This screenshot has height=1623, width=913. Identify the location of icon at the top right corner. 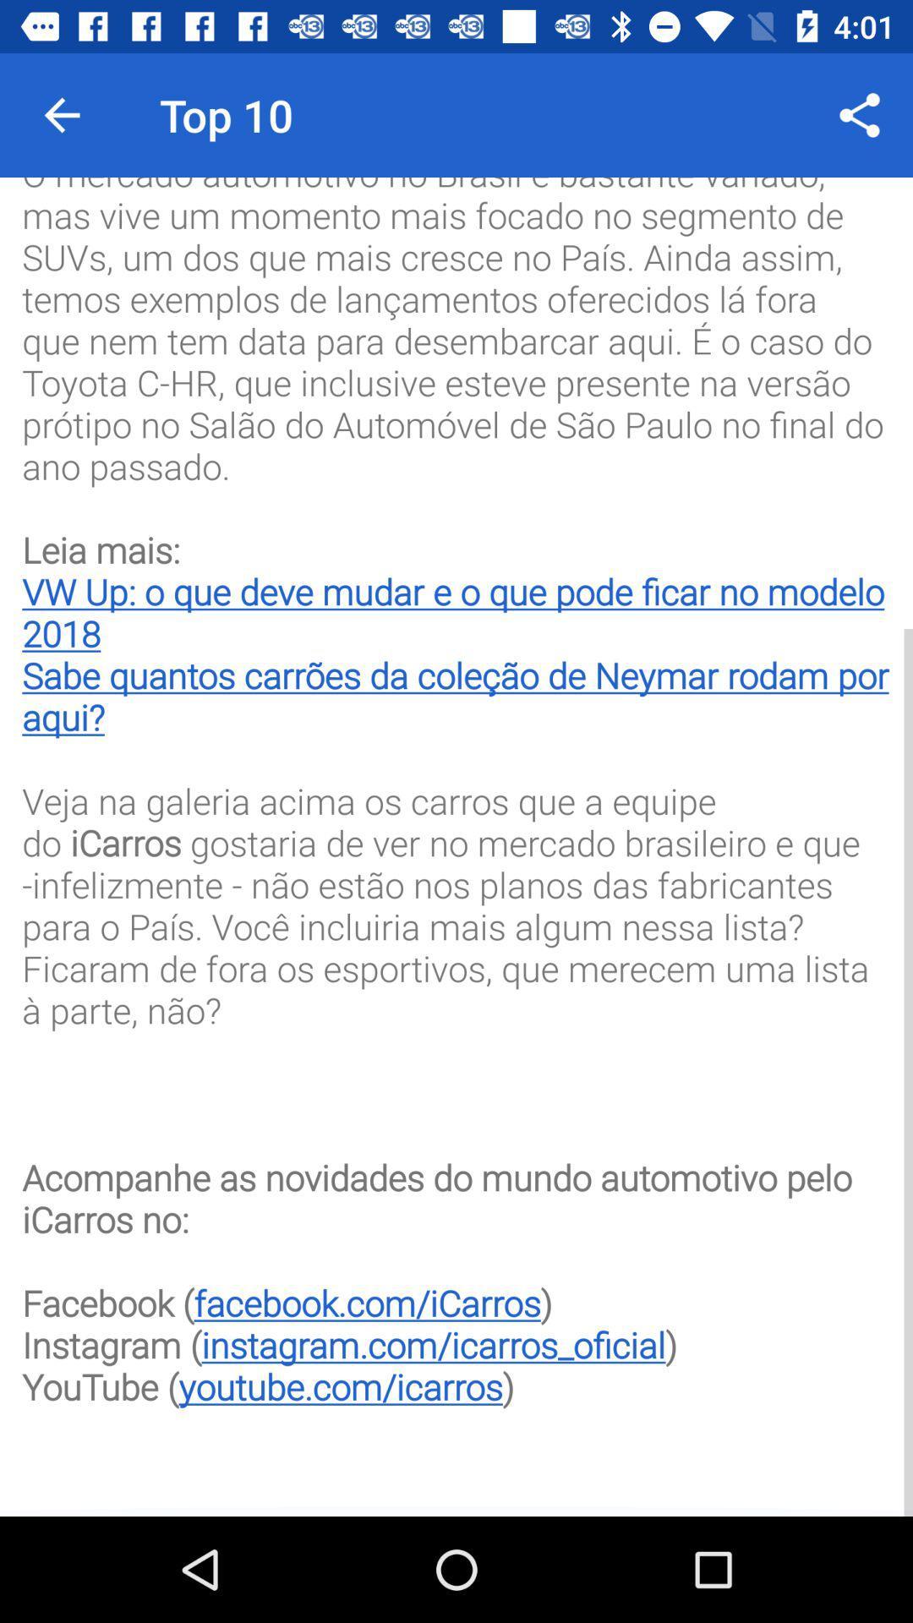
(860, 114).